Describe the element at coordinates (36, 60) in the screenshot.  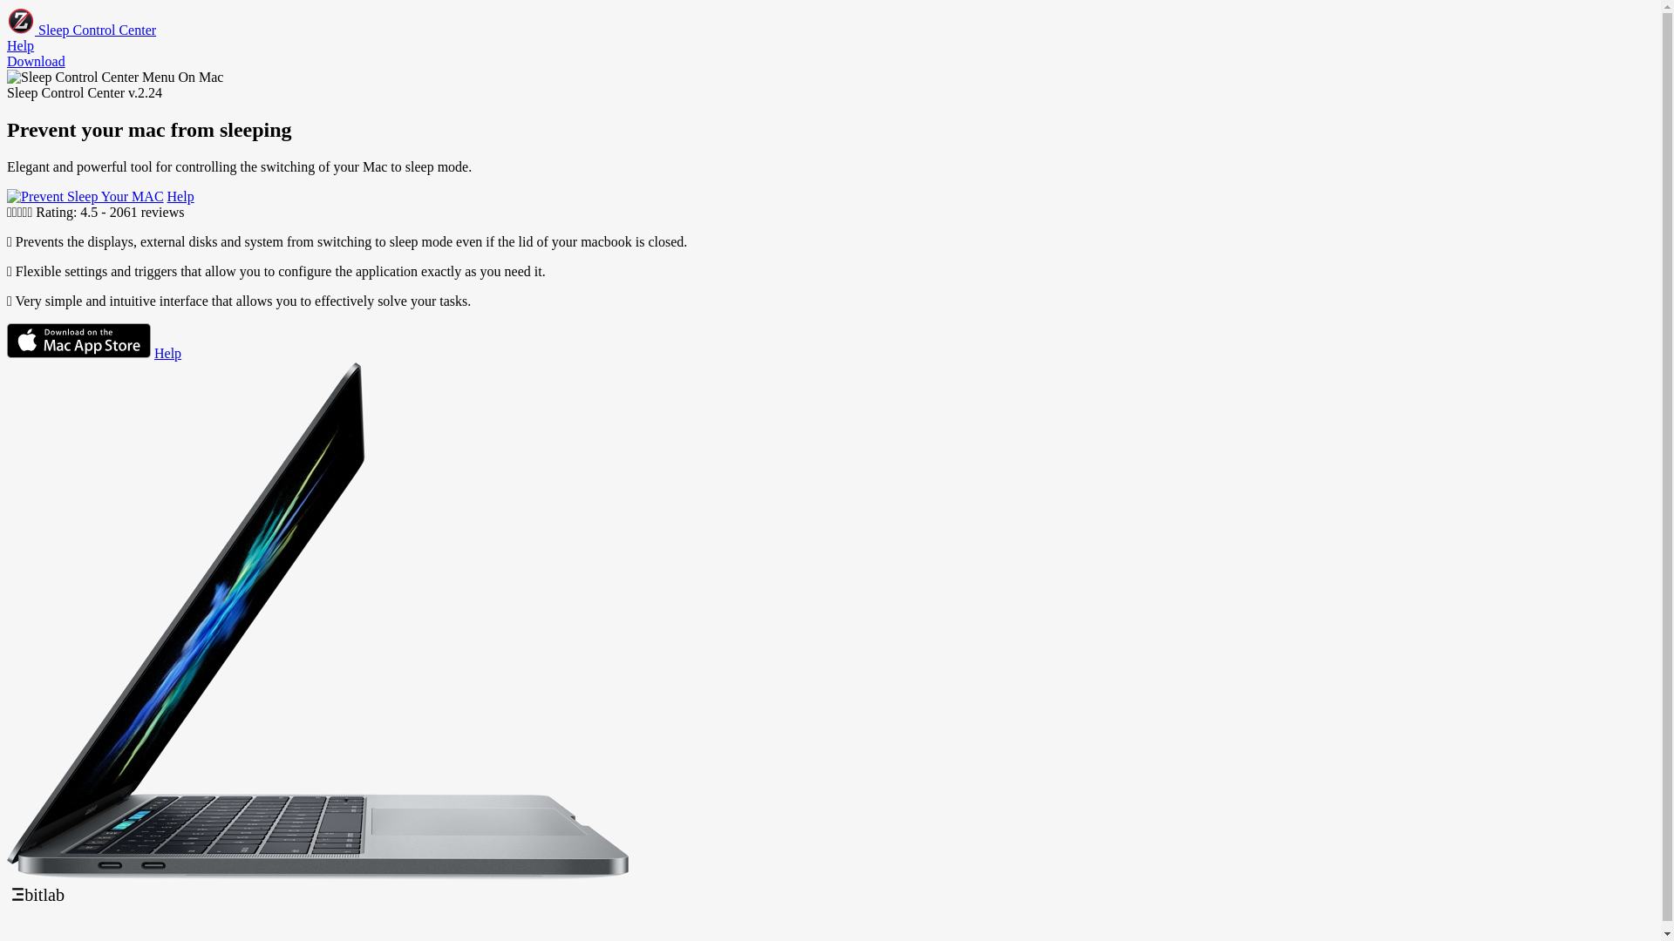
I see `'Download'` at that location.